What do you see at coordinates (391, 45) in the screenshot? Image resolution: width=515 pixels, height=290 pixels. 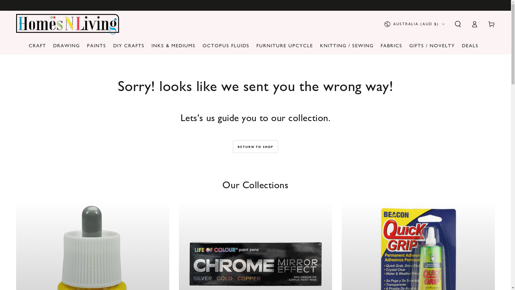 I see `'FABRICS'` at bounding box center [391, 45].